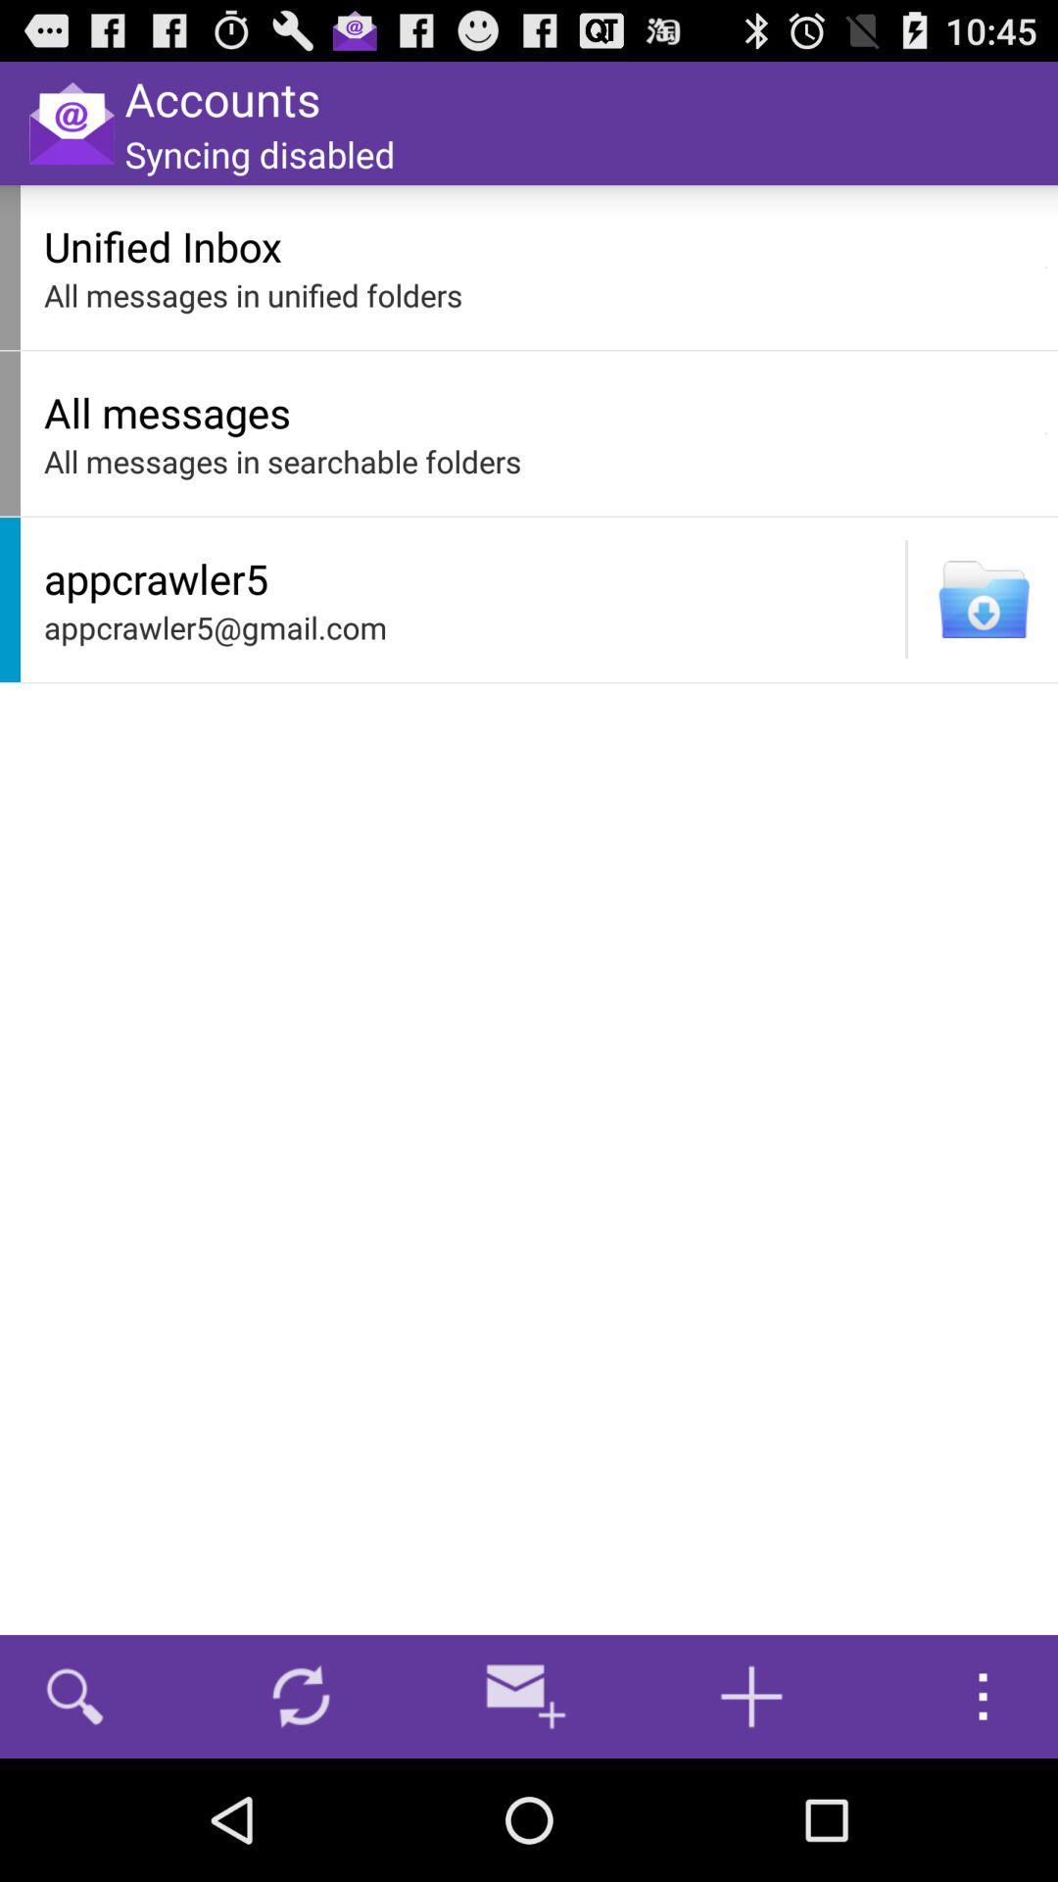 The height and width of the screenshot is (1882, 1058). What do you see at coordinates (1045, 267) in the screenshot?
I see `app to the right of the unified inbox` at bounding box center [1045, 267].